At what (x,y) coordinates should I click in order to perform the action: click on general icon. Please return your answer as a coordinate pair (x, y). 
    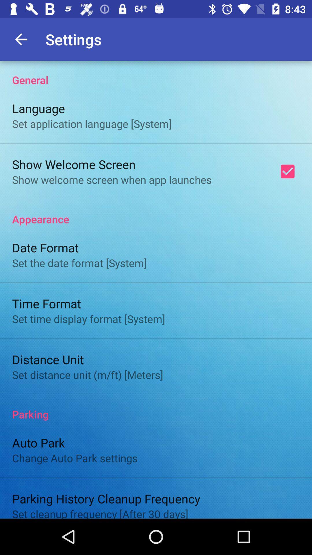
    Looking at the image, I should click on (156, 73).